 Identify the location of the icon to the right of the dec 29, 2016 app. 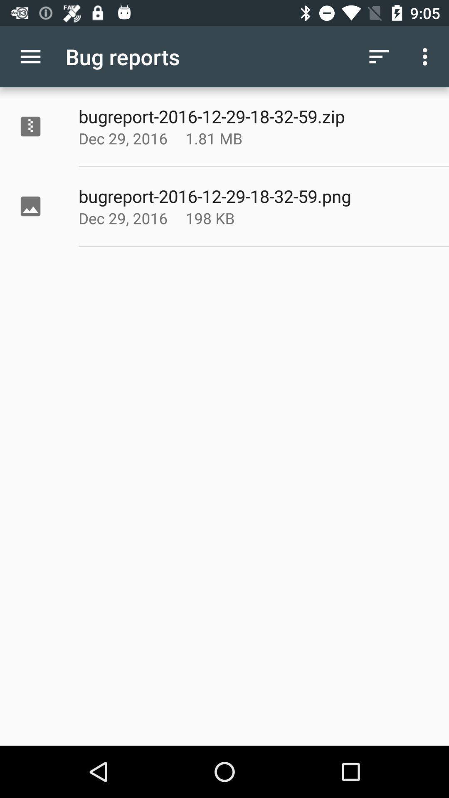
(234, 218).